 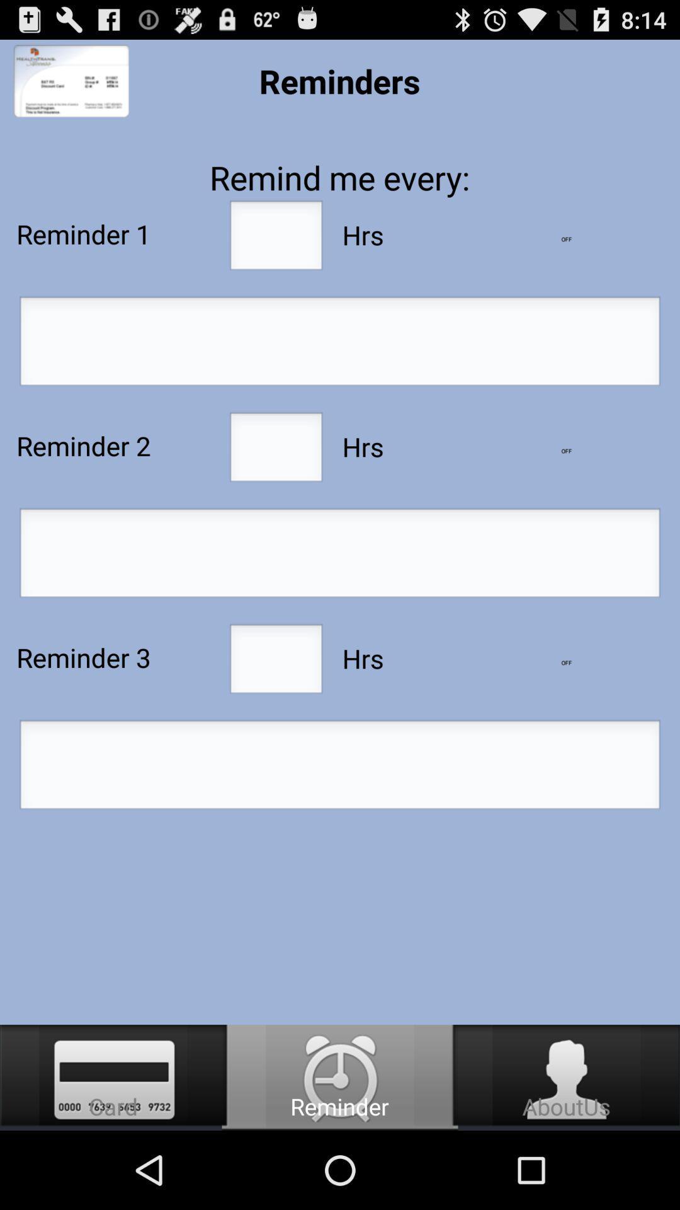 I want to click on set hours reminder 1, so click(x=275, y=239).